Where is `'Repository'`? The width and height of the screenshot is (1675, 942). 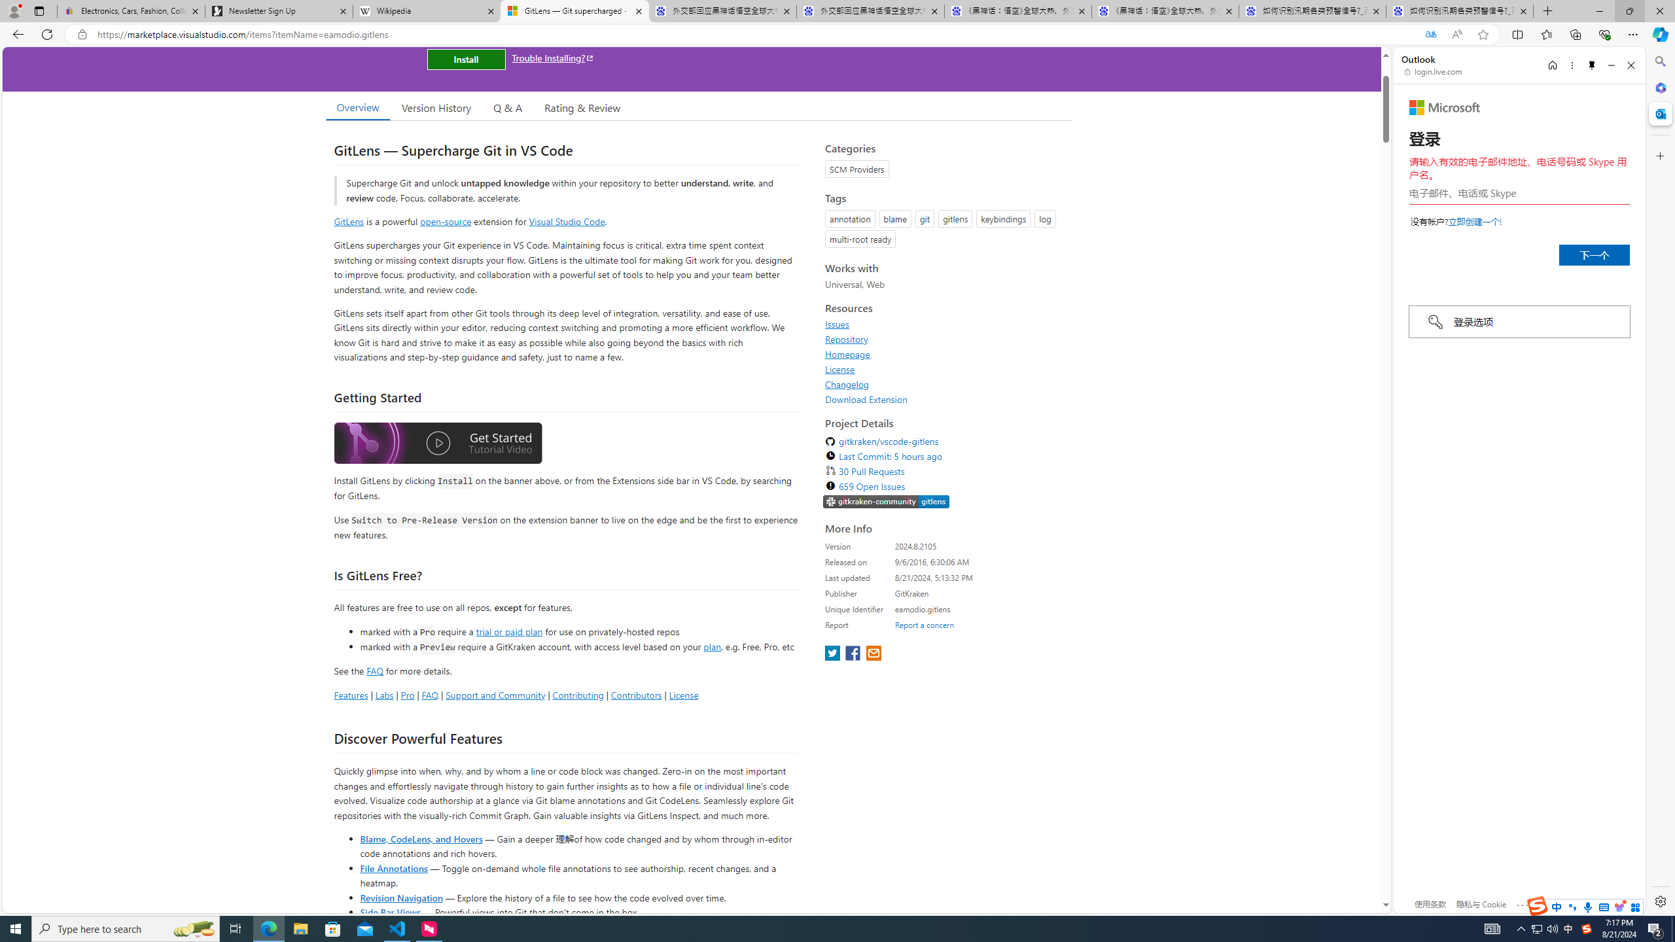 'Repository' is located at coordinates (944, 338).